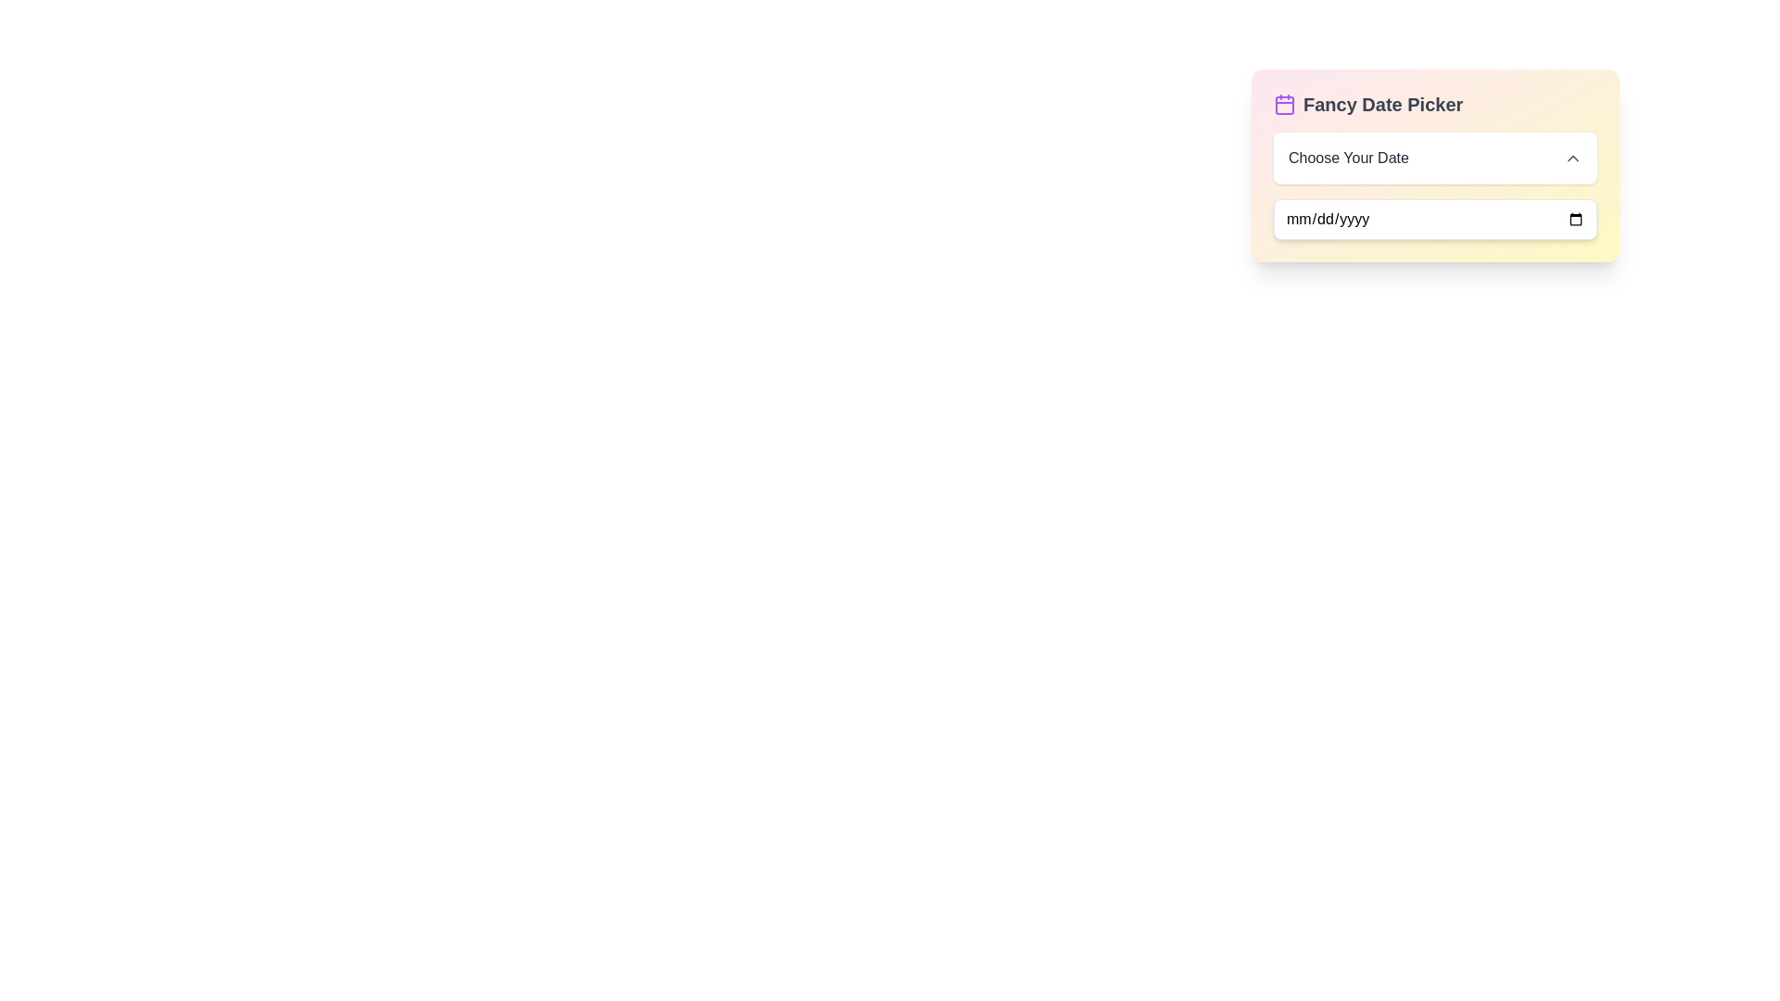  I want to click on the text label displaying 'Fancy Date Picker', which is styled in bold, extra-large gray font and is part of the header section of a date-picker component, so click(1383, 104).